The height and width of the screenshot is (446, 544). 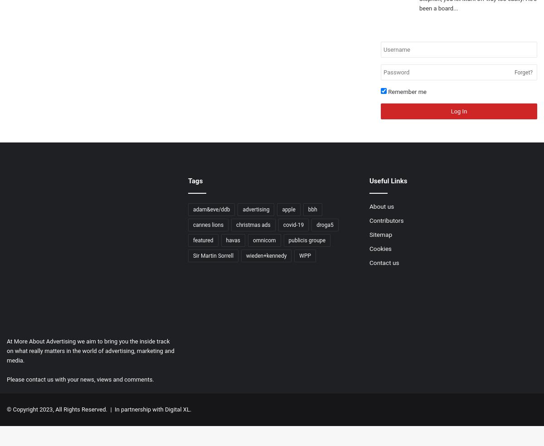 I want to click on 'christmas ads', so click(x=253, y=225).